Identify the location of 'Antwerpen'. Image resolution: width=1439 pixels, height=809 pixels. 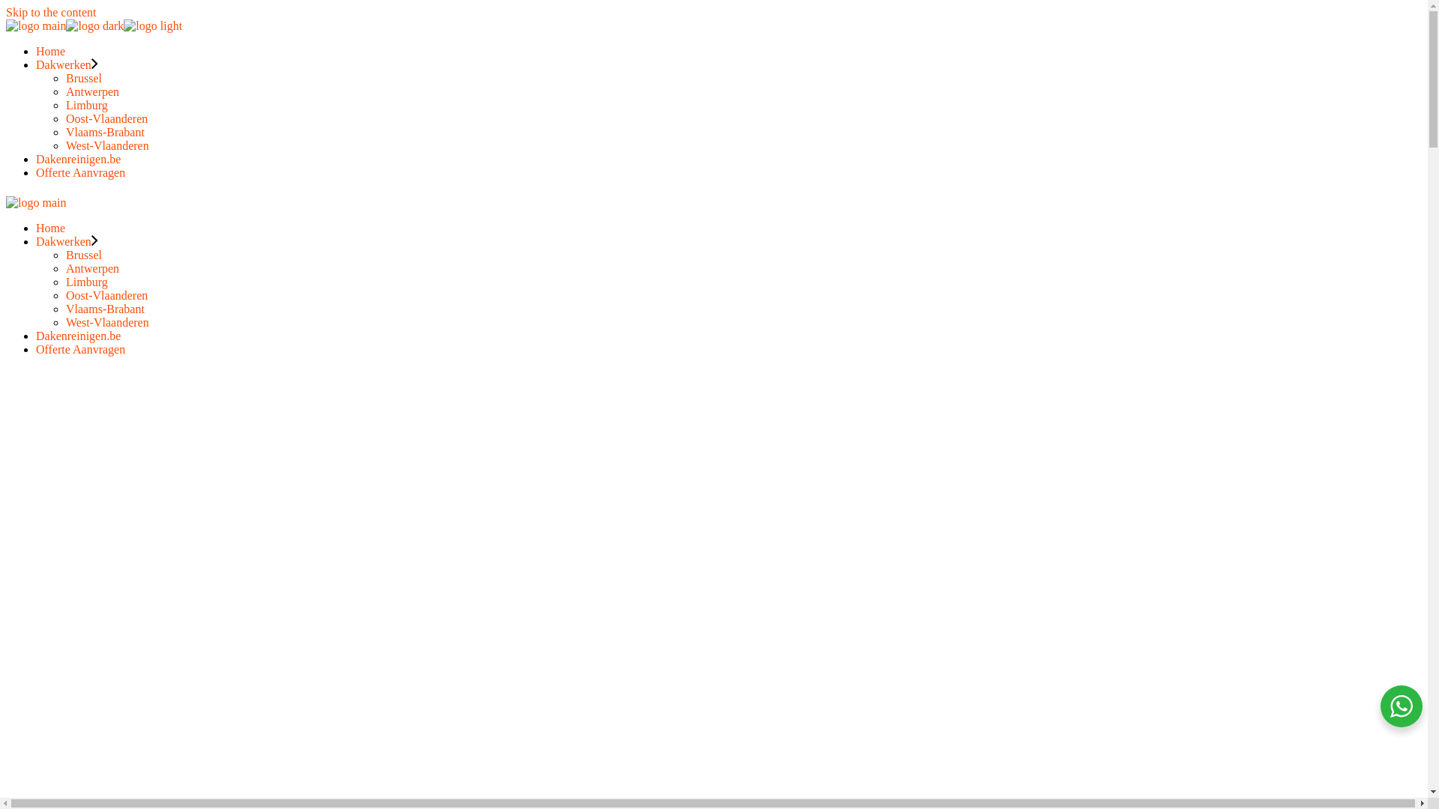
(91, 91).